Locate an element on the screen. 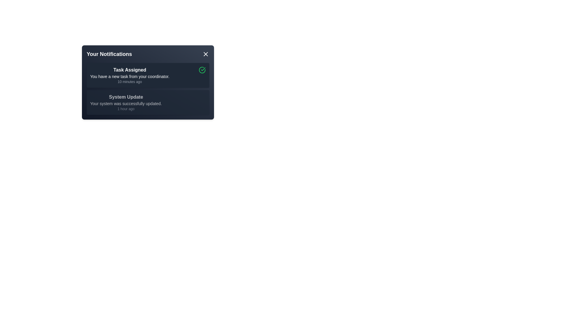 This screenshot has width=566, height=318. the text label displaying '10 minutes ago', which is located below the 'Task Assigned' title and above the notification description is located at coordinates (129, 82).